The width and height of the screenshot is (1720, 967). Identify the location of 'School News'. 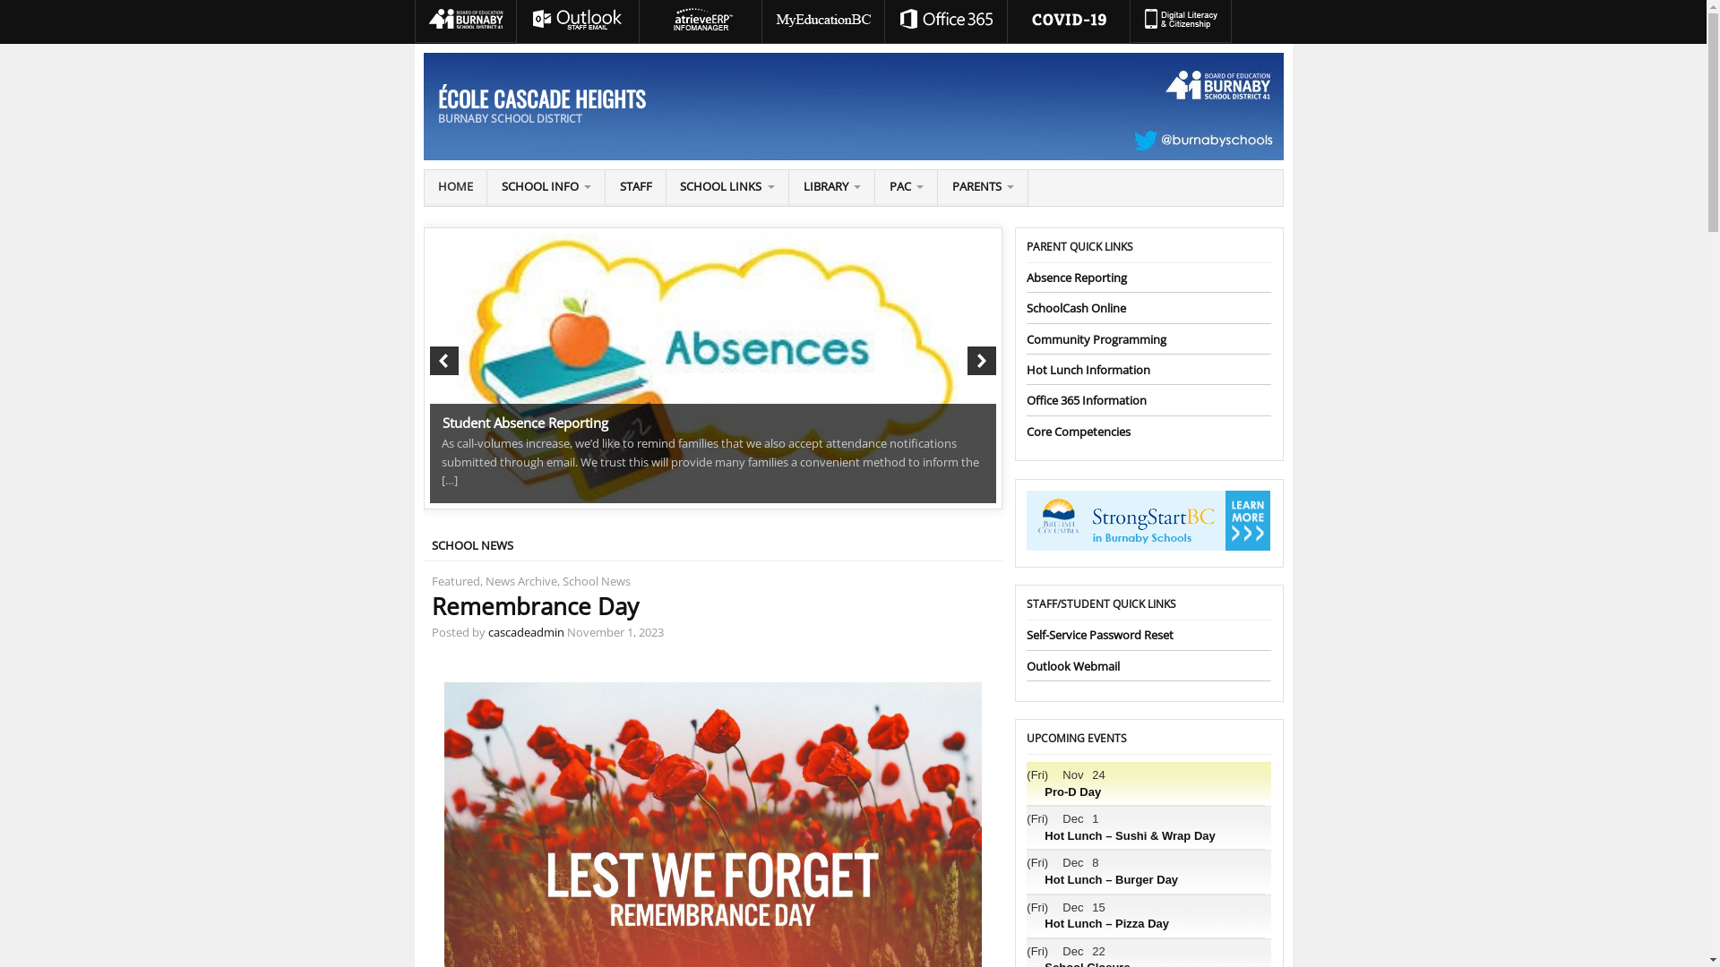
(597, 580).